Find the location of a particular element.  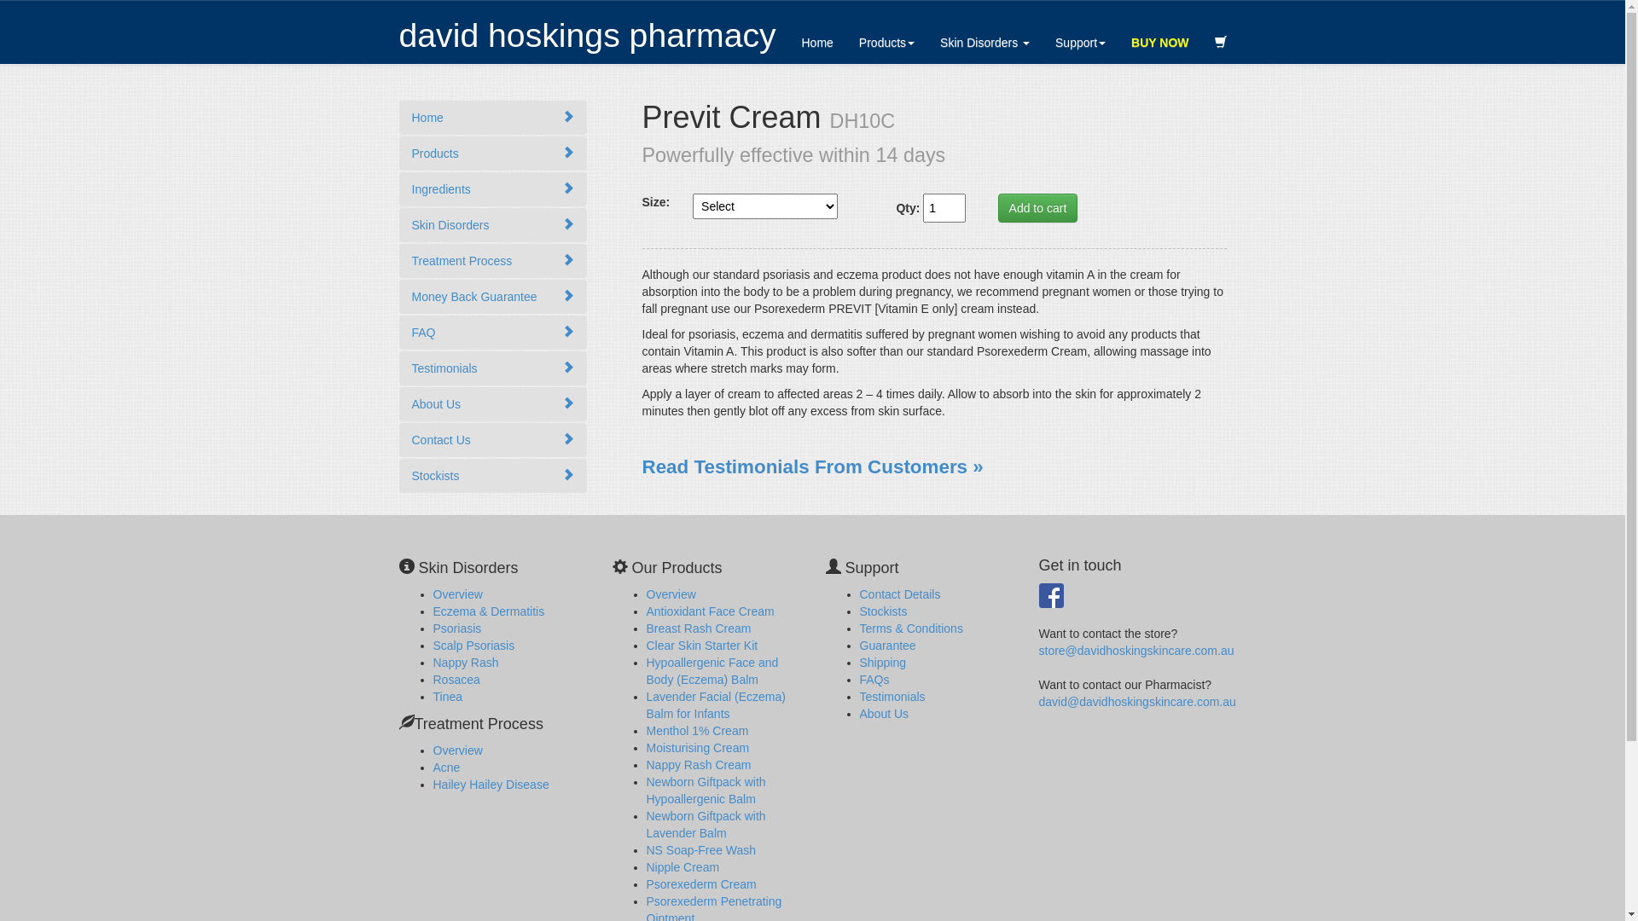

'Moisturising Cream' is located at coordinates (698, 746).